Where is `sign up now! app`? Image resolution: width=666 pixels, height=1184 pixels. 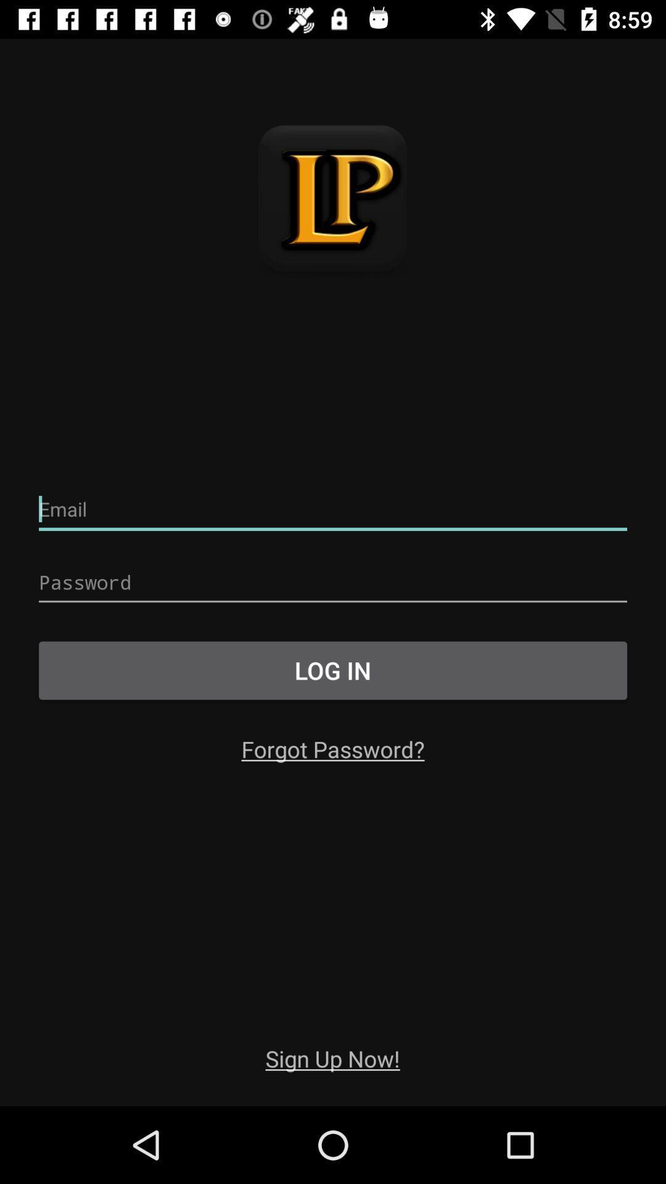 sign up now! app is located at coordinates (332, 1058).